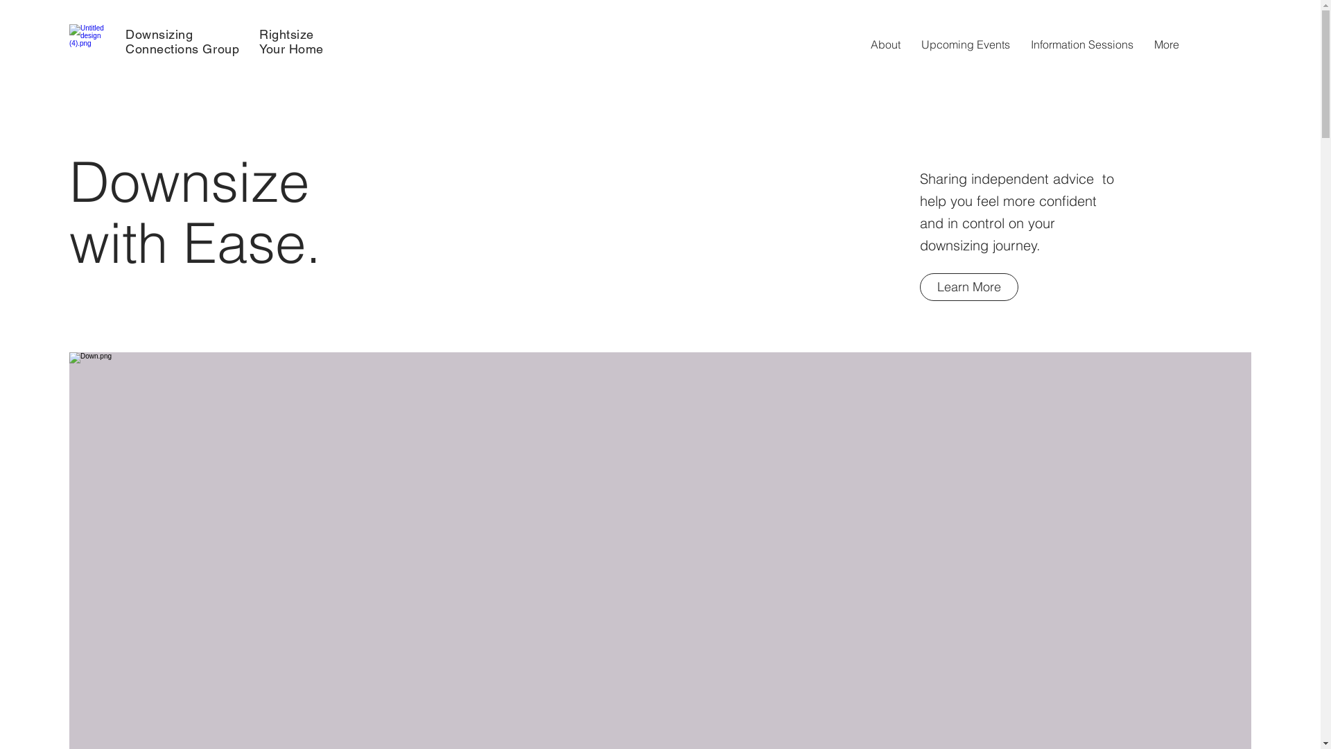 The image size is (1331, 749). I want to click on 'Rightsize, so click(290, 41).